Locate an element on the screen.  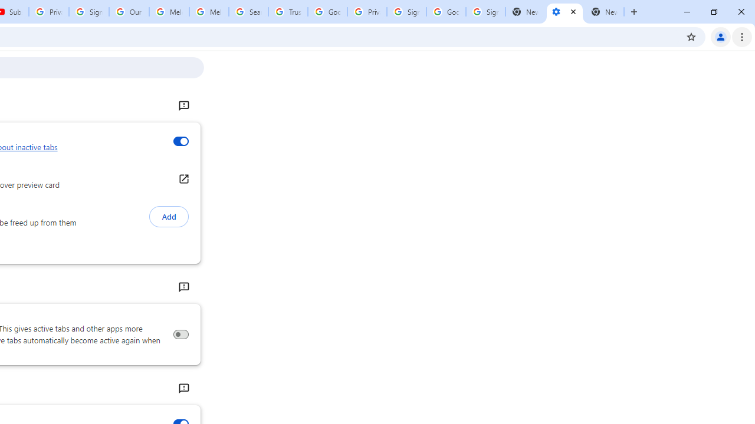
'Add to the "always keep these sites active" list' is located at coordinates (168, 217).